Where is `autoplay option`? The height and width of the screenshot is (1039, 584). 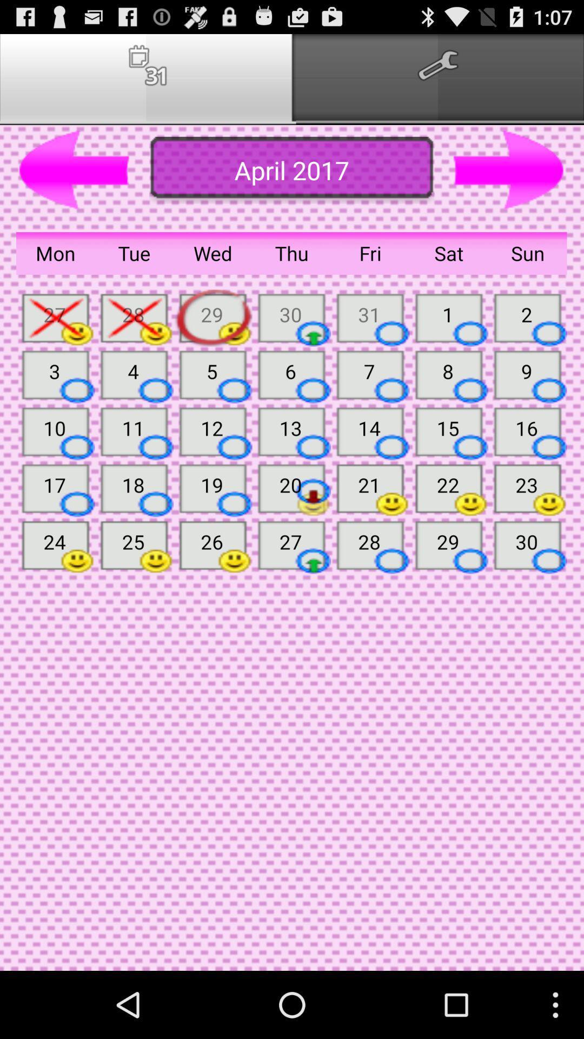
autoplay option is located at coordinates (509, 170).